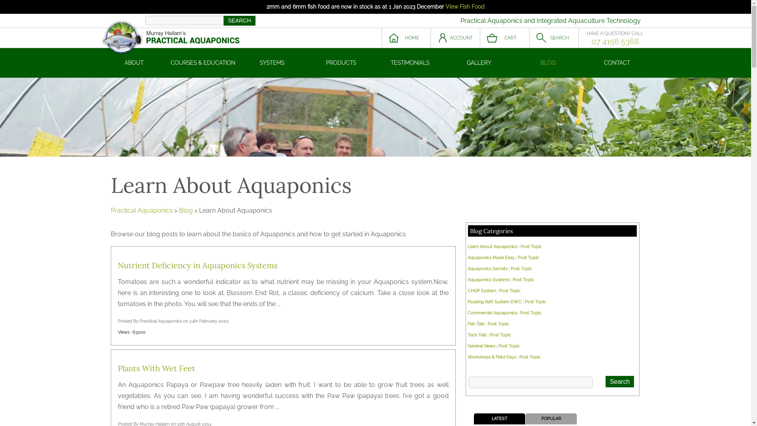 The width and height of the screenshot is (757, 426). Describe the element at coordinates (488, 279) in the screenshot. I see `'Aquaponics Systems'` at that location.